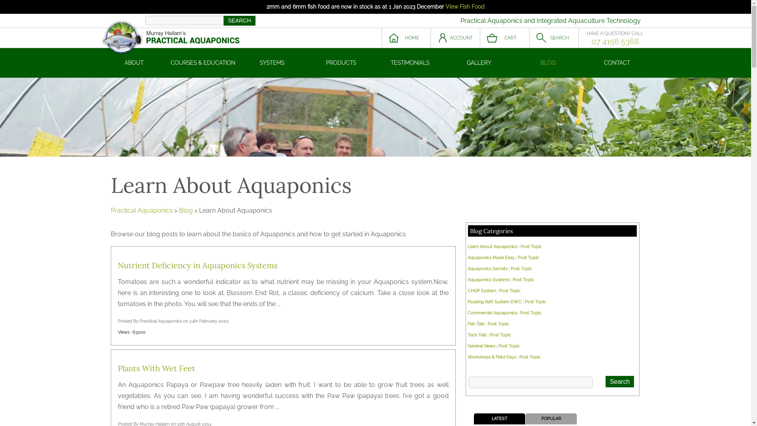 The width and height of the screenshot is (757, 426). Describe the element at coordinates (488, 279) in the screenshot. I see `'Aquaponics Systems'` at that location.